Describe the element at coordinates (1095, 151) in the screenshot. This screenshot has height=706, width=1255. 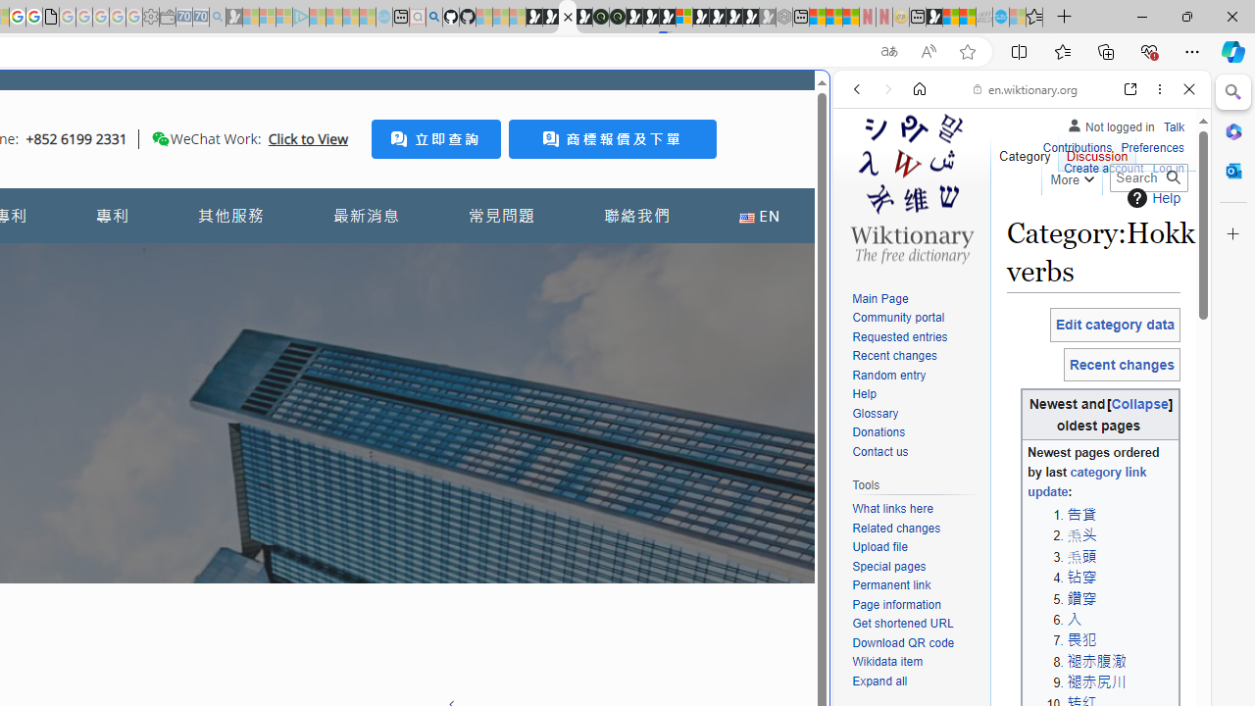
I see `'Discussion'` at that location.